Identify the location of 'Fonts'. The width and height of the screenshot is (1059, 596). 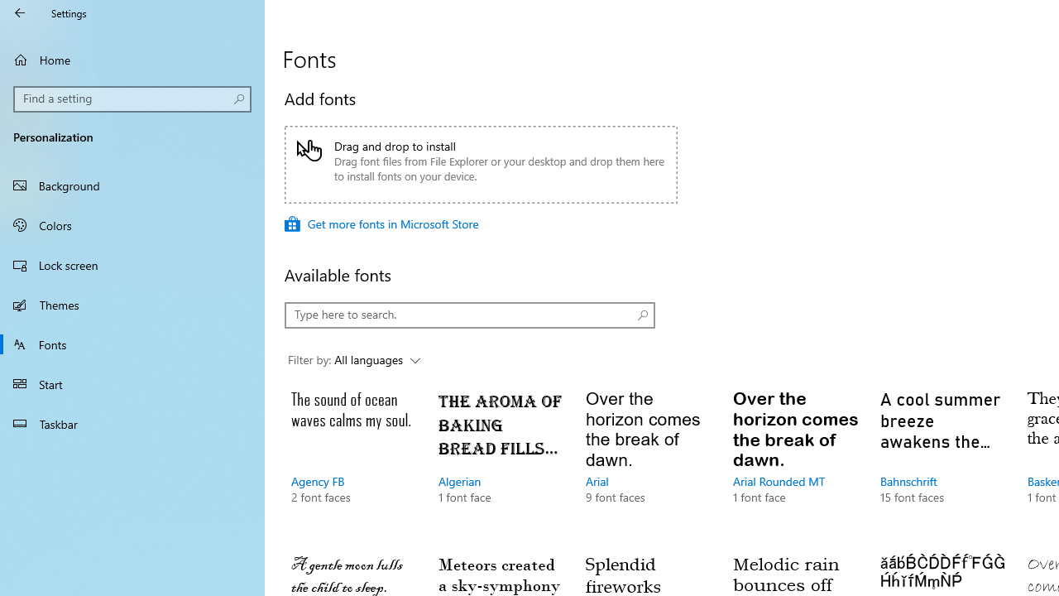
(132, 343).